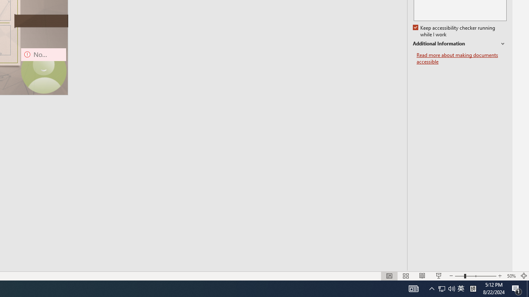  I want to click on 'Zoom 50%', so click(511, 276).